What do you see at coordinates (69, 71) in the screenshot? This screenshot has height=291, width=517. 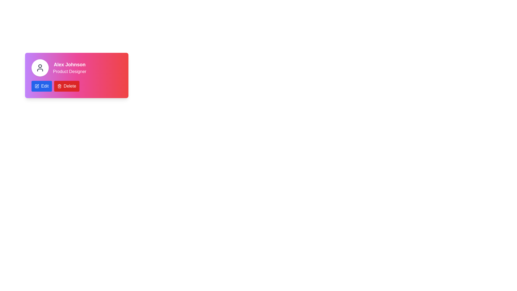 I see `text label indicating the user's professional title or role located below the name 'Alex Johnson' in the user profile card` at bounding box center [69, 71].